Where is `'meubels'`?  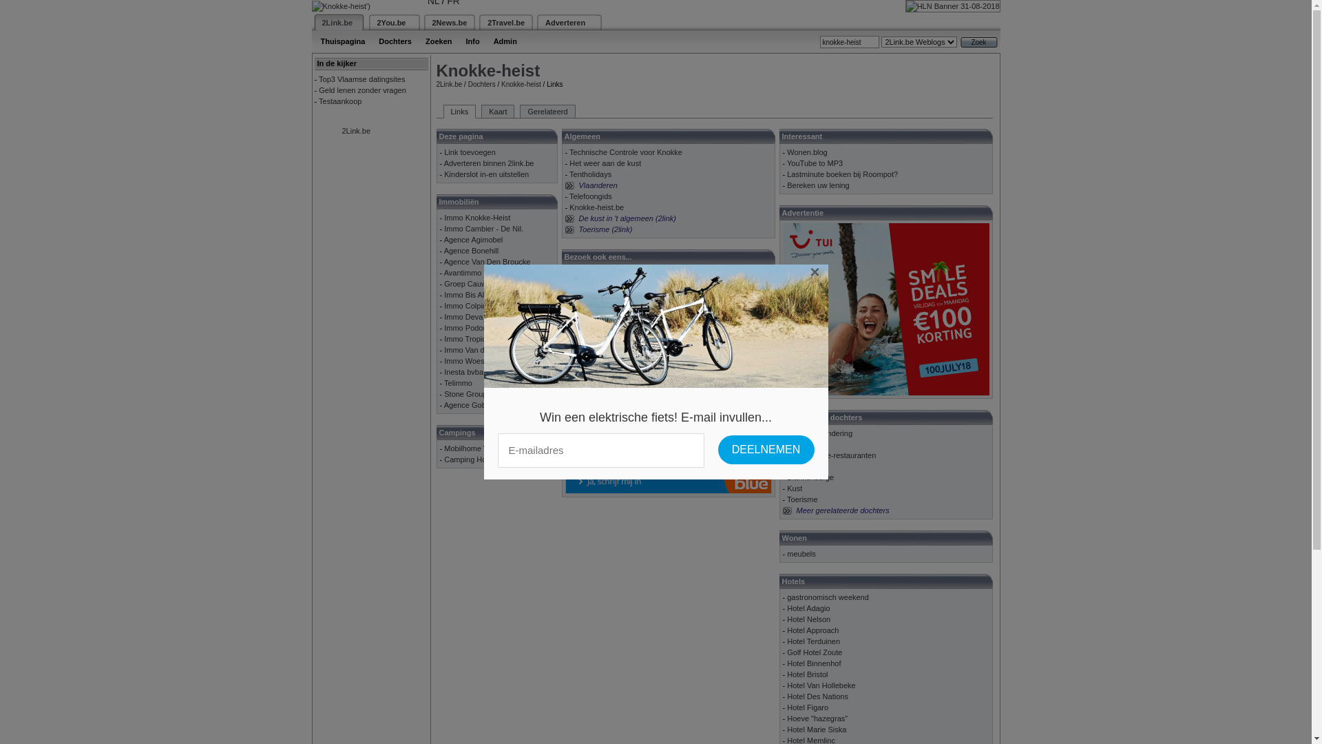
'meubels' is located at coordinates (801, 552).